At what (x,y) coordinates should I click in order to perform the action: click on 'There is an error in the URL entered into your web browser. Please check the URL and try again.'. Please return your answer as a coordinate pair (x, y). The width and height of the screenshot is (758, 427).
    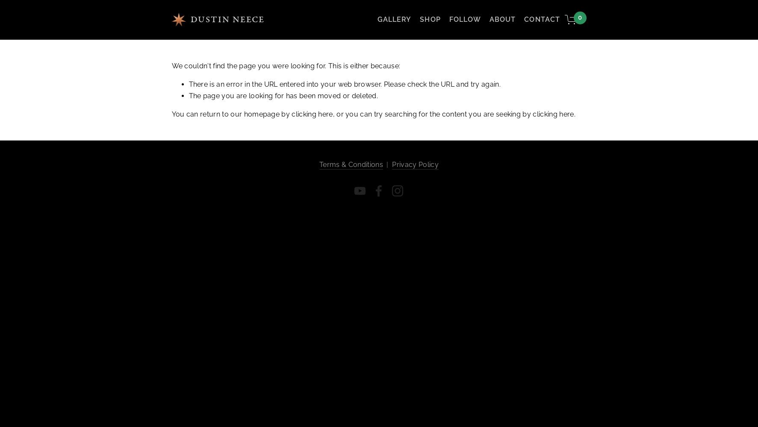
    Looking at the image, I should click on (344, 83).